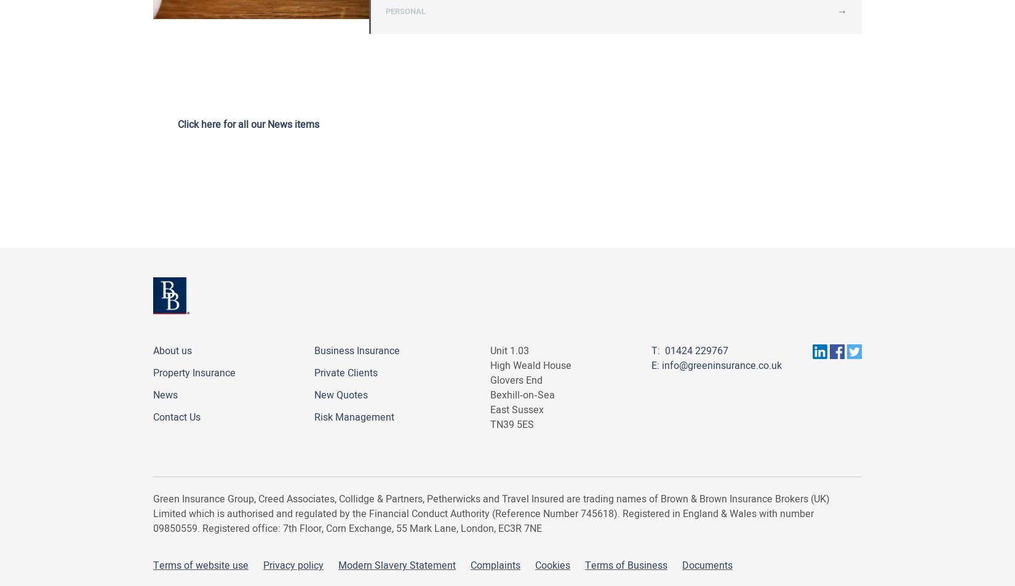 The height and width of the screenshot is (586, 1015). What do you see at coordinates (345, 373) in the screenshot?
I see `'Private Clients'` at bounding box center [345, 373].